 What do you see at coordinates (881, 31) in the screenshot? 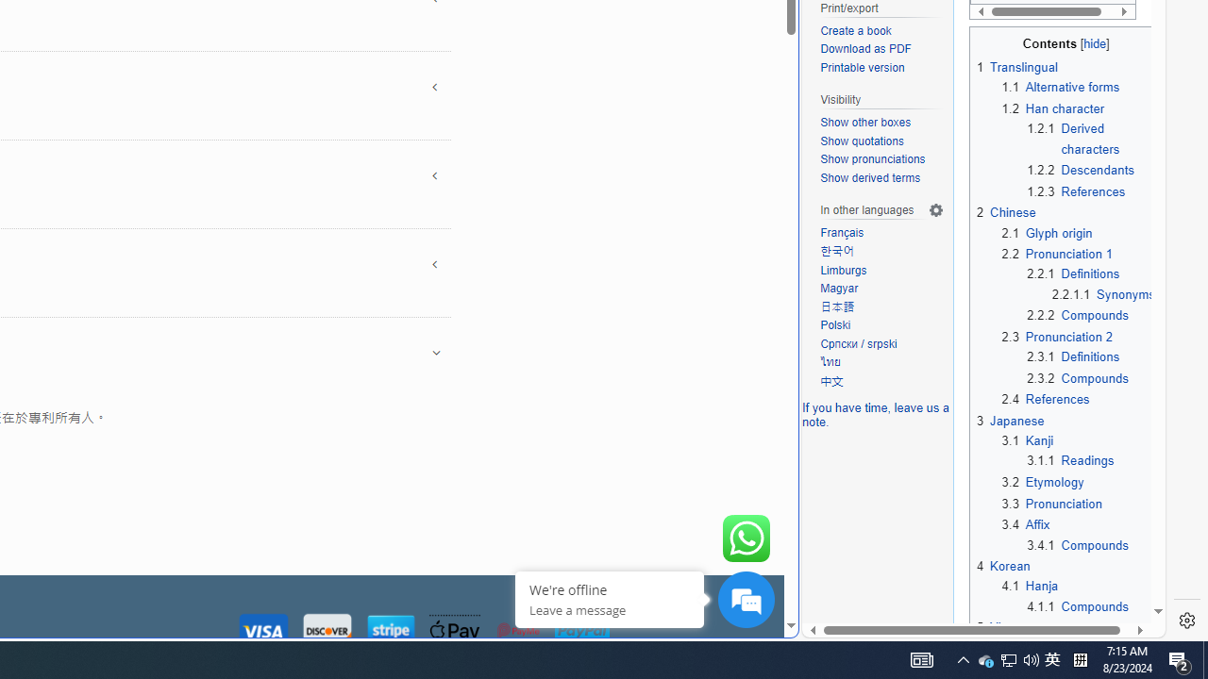
I see `'Create a book'` at bounding box center [881, 31].